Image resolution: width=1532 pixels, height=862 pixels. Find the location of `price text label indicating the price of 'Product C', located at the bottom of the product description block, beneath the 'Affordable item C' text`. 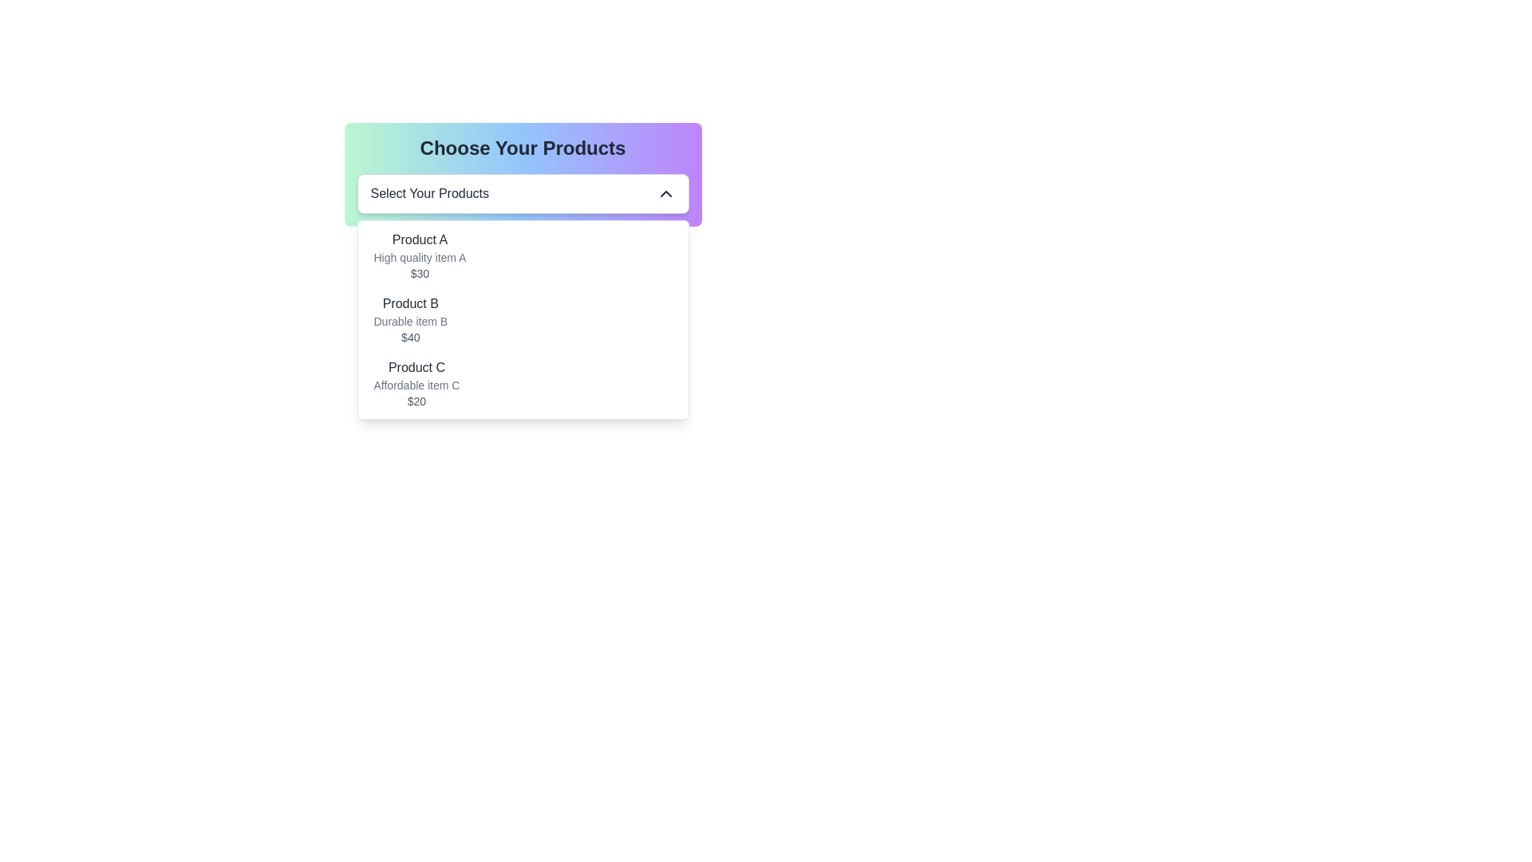

price text label indicating the price of 'Product C', located at the bottom of the product description block, beneath the 'Affordable item C' text is located at coordinates (417, 400).